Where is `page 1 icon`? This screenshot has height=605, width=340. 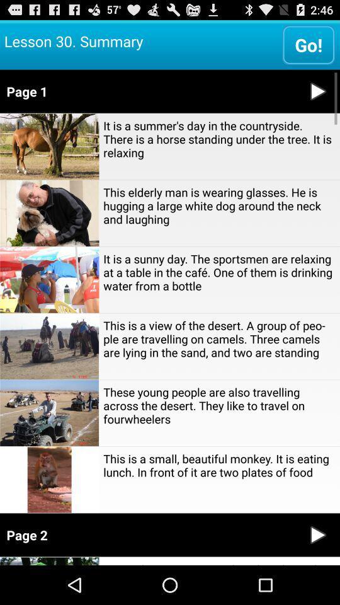
page 1 icon is located at coordinates (147, 90).